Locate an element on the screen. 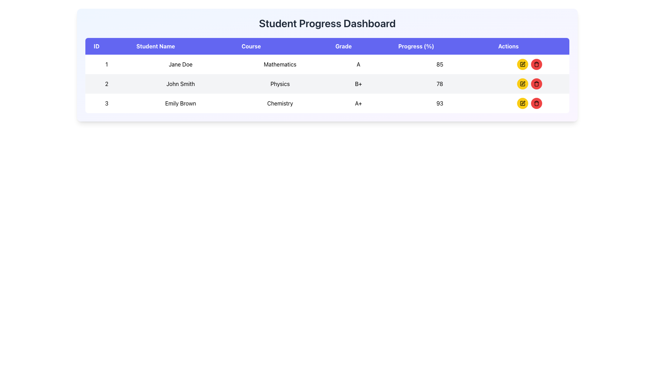 The width and height of the screenshot is (669, 376). text displayed in the third column under the 'Course' heading for student 'Emily Brown', which shows the word 'Chemistry' is located at coordinates (280, 103).